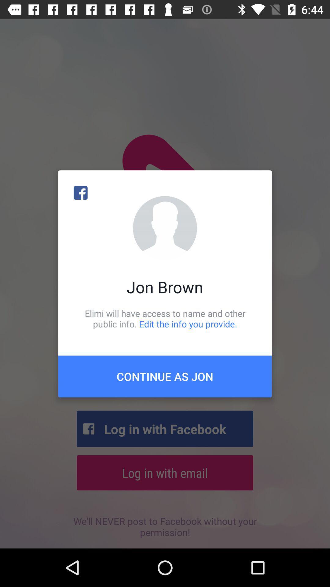 Image resolution: width=330 pixels, height=587 pixels. I want to click on icon below elimi will have, so click(165, 376).